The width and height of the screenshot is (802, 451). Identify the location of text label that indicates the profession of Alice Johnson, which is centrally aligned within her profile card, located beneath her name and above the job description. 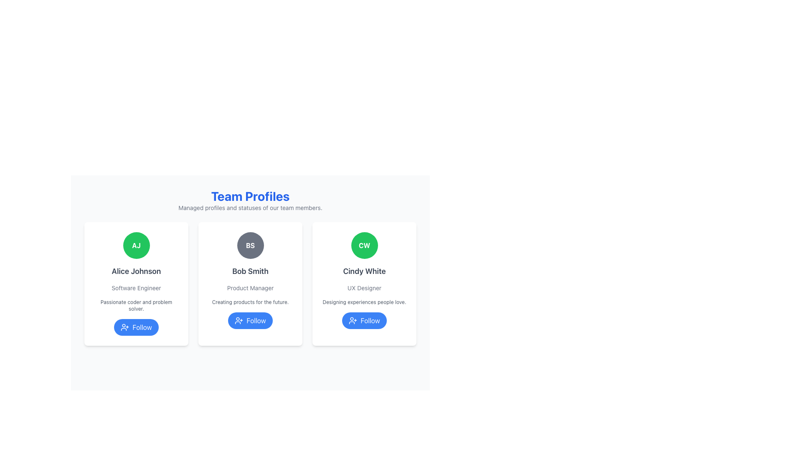
(136, 288).